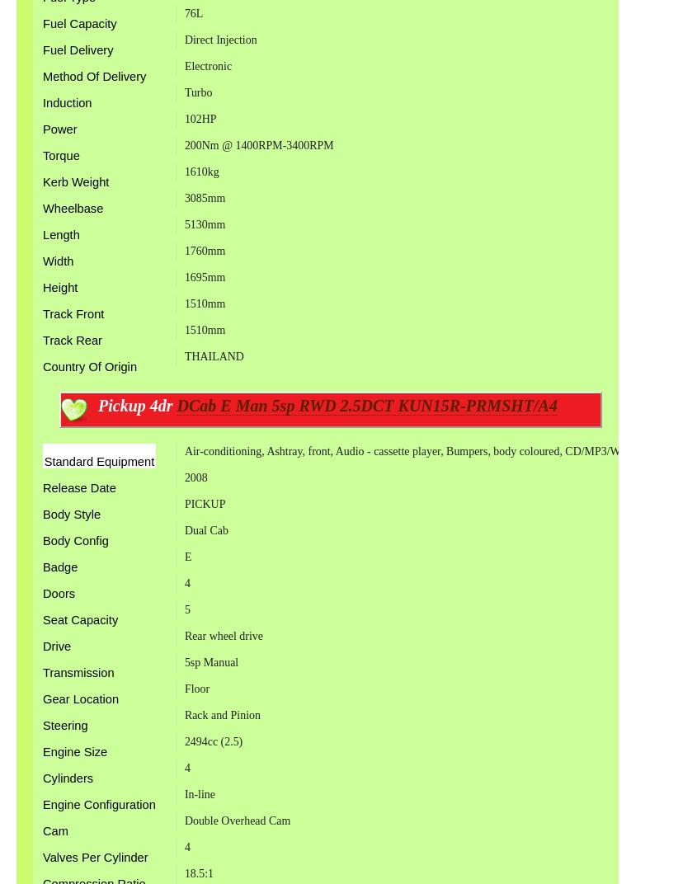 The image size is (697, 884). What do you see at coordinates (42, 460) in the screenshot?
I see `'Standard Equipment'` at bounding box center [42, 460].